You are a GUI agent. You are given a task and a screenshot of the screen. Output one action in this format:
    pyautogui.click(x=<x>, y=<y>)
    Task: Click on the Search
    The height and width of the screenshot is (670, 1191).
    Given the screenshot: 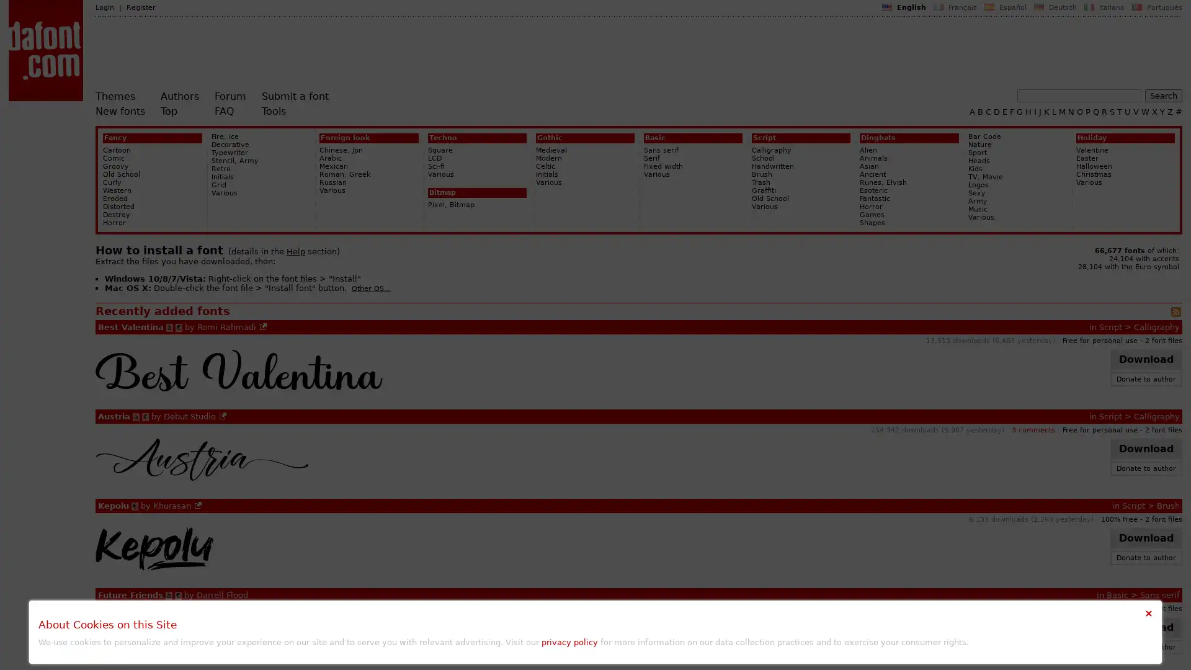 What is the action you would take?
    pyautogui.click(x=1163, y=95)
    